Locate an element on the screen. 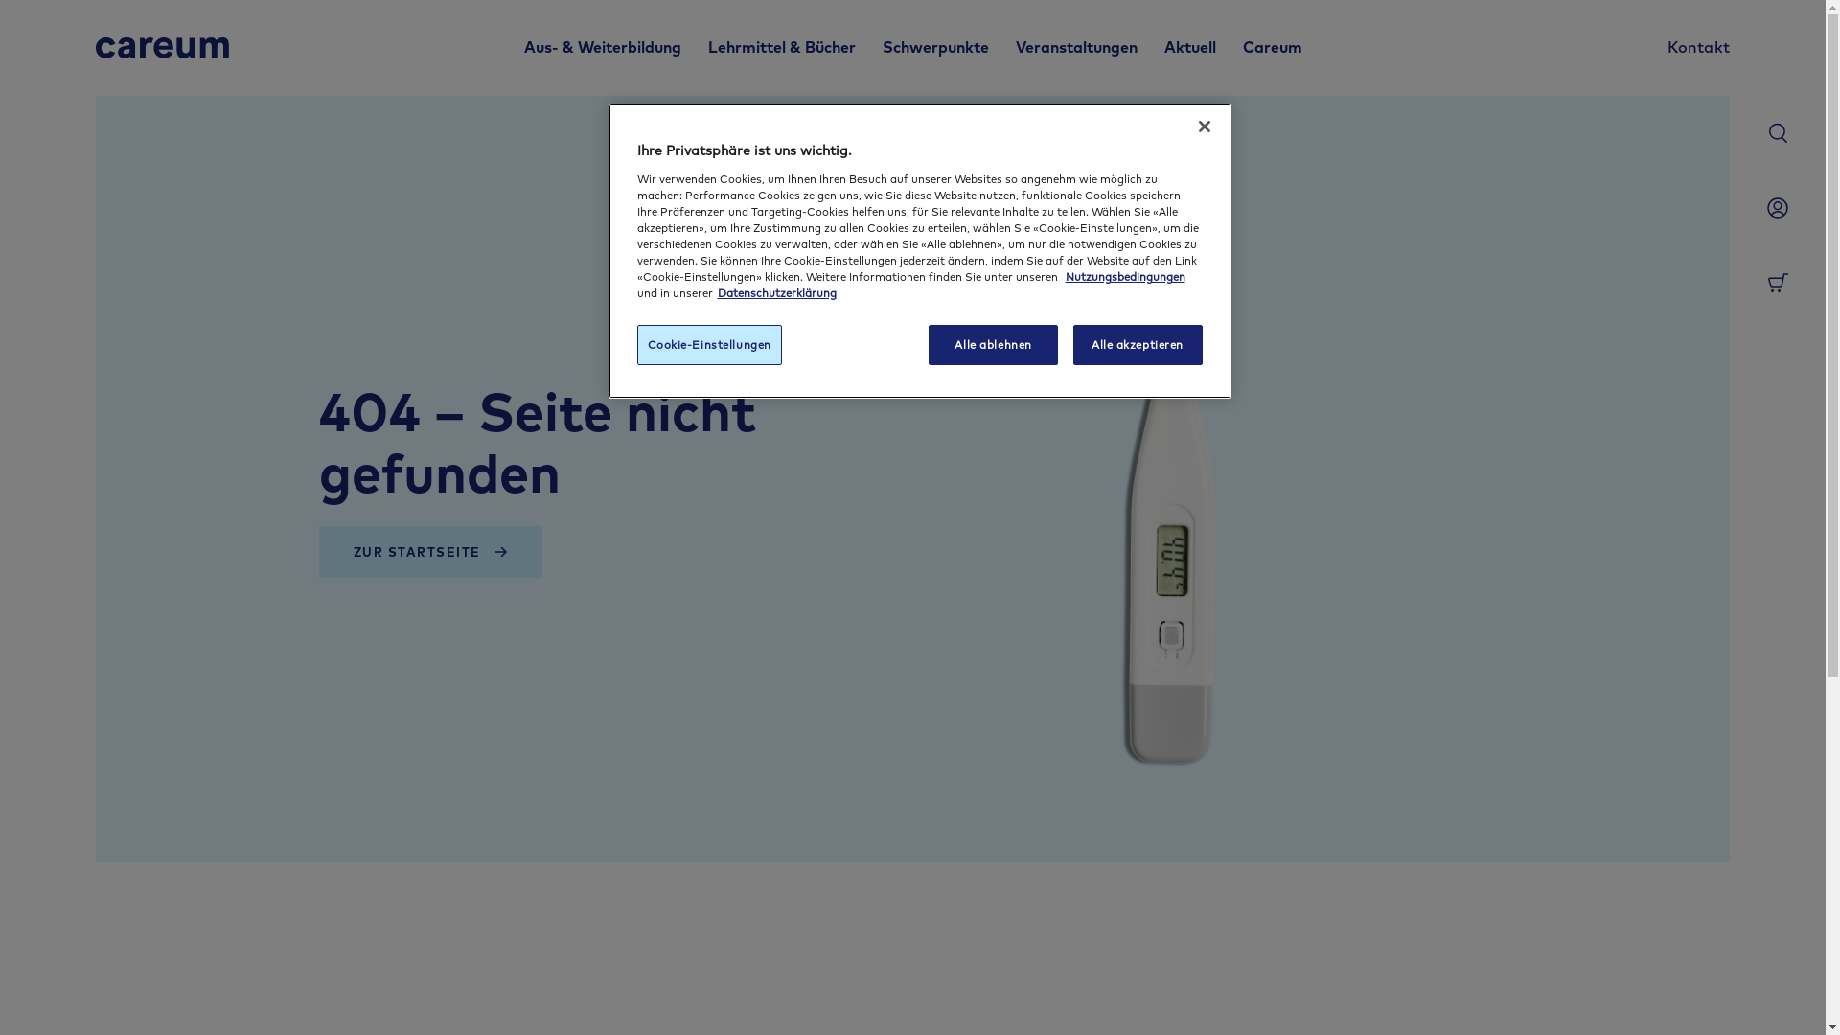 The width and height of the screenshot is (1840, 1035). 'Alle ablehnen' is located at coordinates (993, 343).